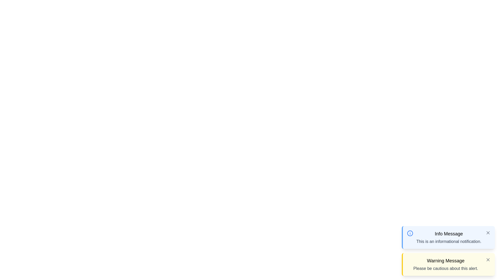 The image size is (499, 280). What do you see at coordinates (445, 264) in the screenshot?
I see `the text label that displays 'Warning Message' in bold and 'Please be cautious about this alert.' in regular text, which is part of a notification-style component with a light yellow background and a yellow left border` at bounding box center [445, 264].